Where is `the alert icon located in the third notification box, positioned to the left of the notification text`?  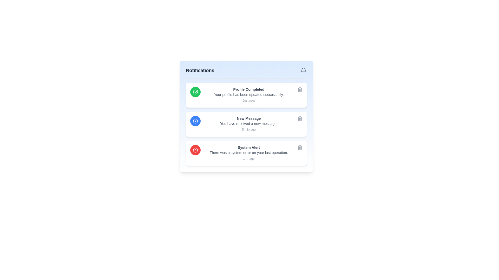
the alert icon located in the third notification box, positioned to the left of the notification text is located at coordinates (195, 150).